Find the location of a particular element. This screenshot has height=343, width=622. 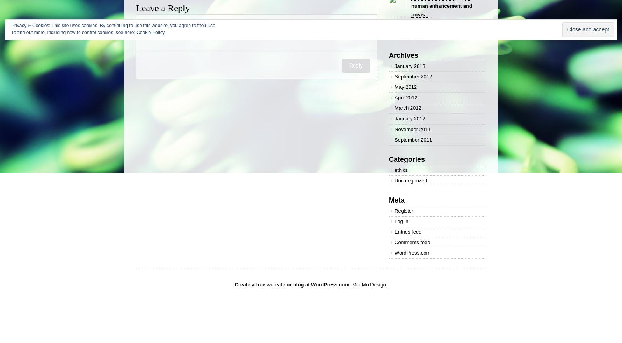

'September 2012' is located at coordinates (413, 76).